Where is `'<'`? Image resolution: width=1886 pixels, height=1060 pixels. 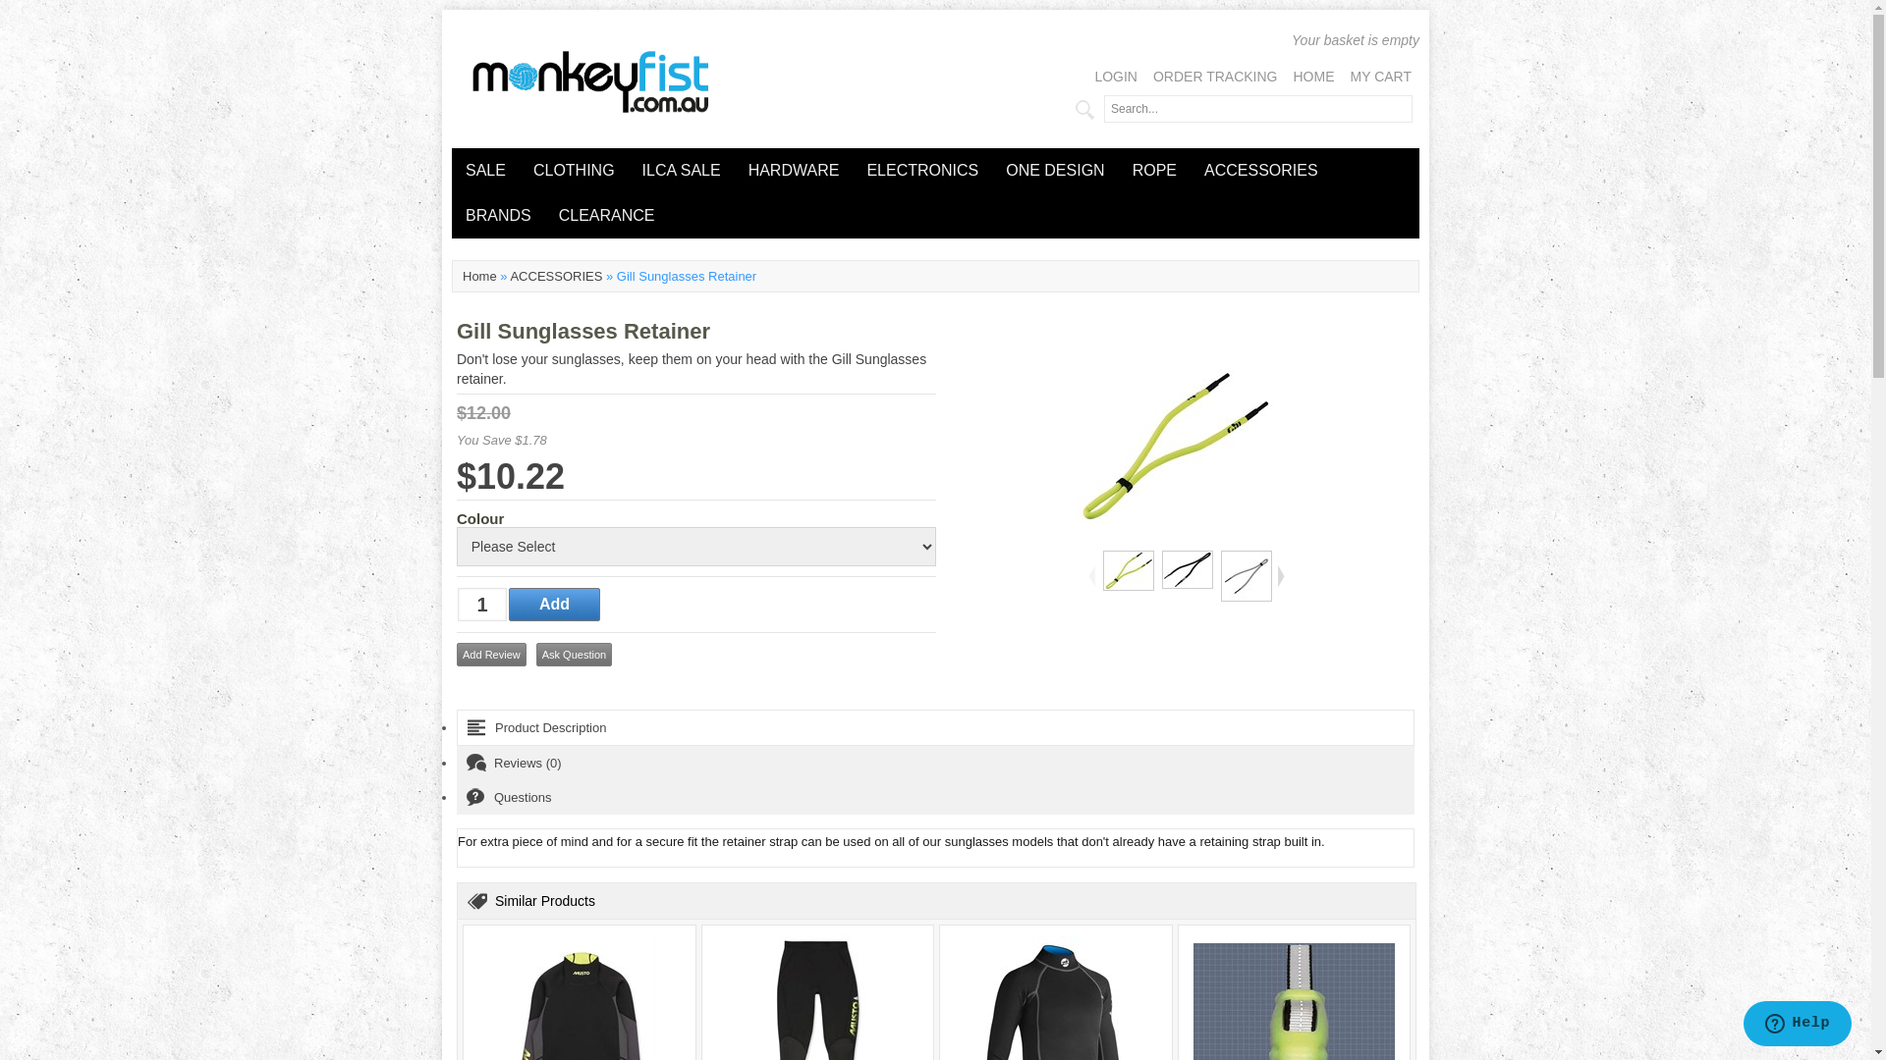
'<' is located at coordinates (1092, 574).